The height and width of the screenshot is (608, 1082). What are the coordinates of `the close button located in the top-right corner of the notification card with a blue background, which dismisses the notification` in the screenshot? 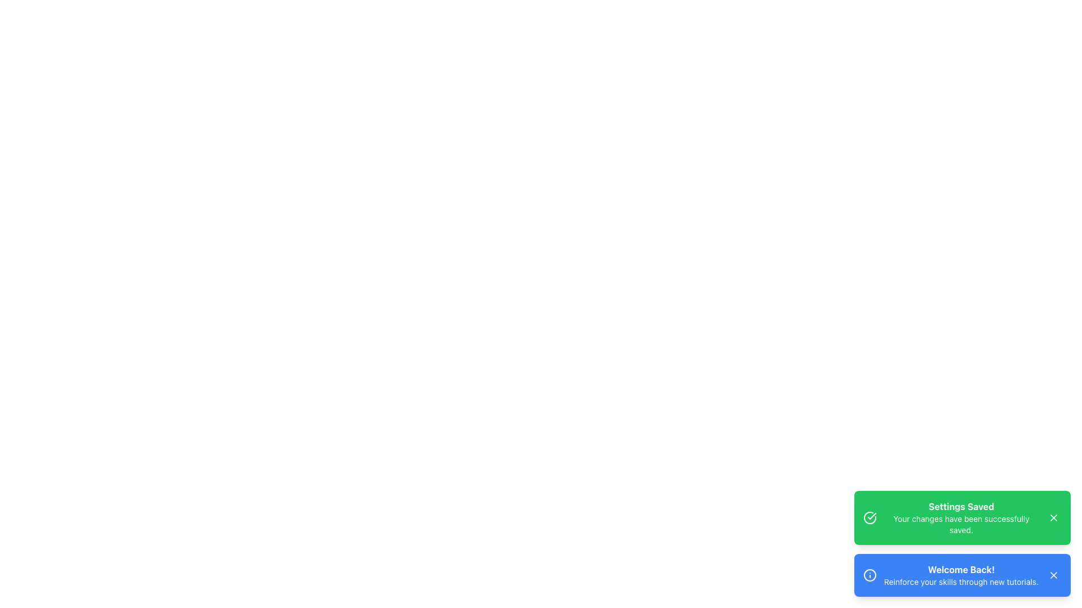 It's located at (1053, 575).